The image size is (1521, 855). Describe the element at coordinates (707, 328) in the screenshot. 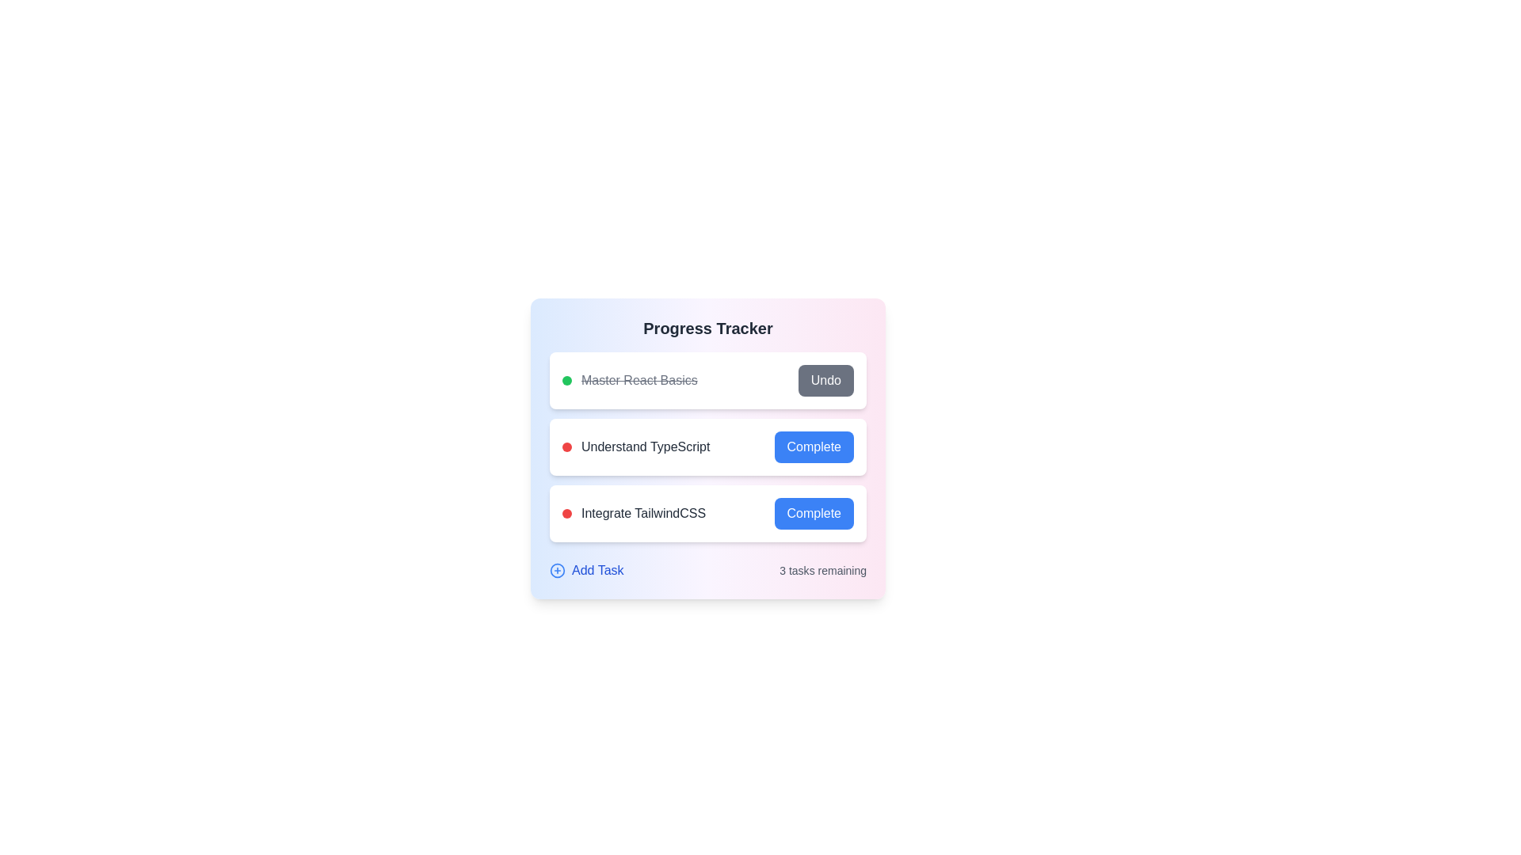

I see `the 'Progress Tracker' text display to trigger tooltip or styling effects` at that location.